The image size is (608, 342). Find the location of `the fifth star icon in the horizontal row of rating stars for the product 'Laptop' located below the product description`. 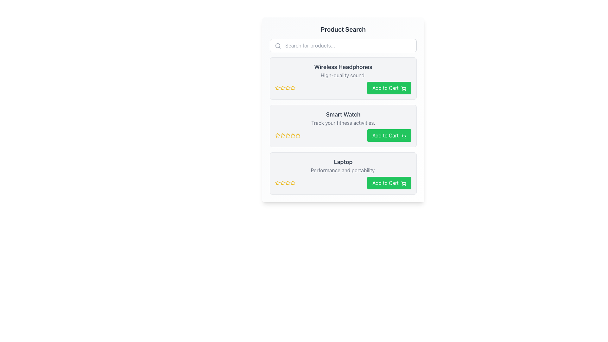

the fifth star icon in the horizontal row of rating stars for the product 'Laptop' located below the product description is located at coordinates (293, 183).